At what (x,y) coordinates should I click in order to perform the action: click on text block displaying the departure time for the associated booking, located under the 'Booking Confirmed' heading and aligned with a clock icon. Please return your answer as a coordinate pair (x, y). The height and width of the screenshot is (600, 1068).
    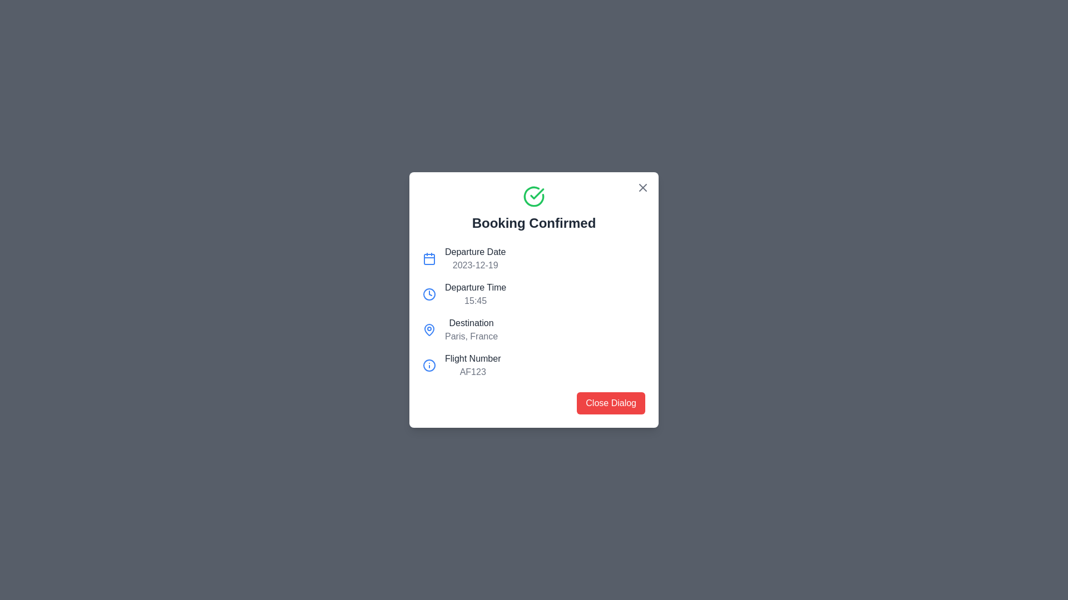
    Looking at the image, I should click on (476, 293).